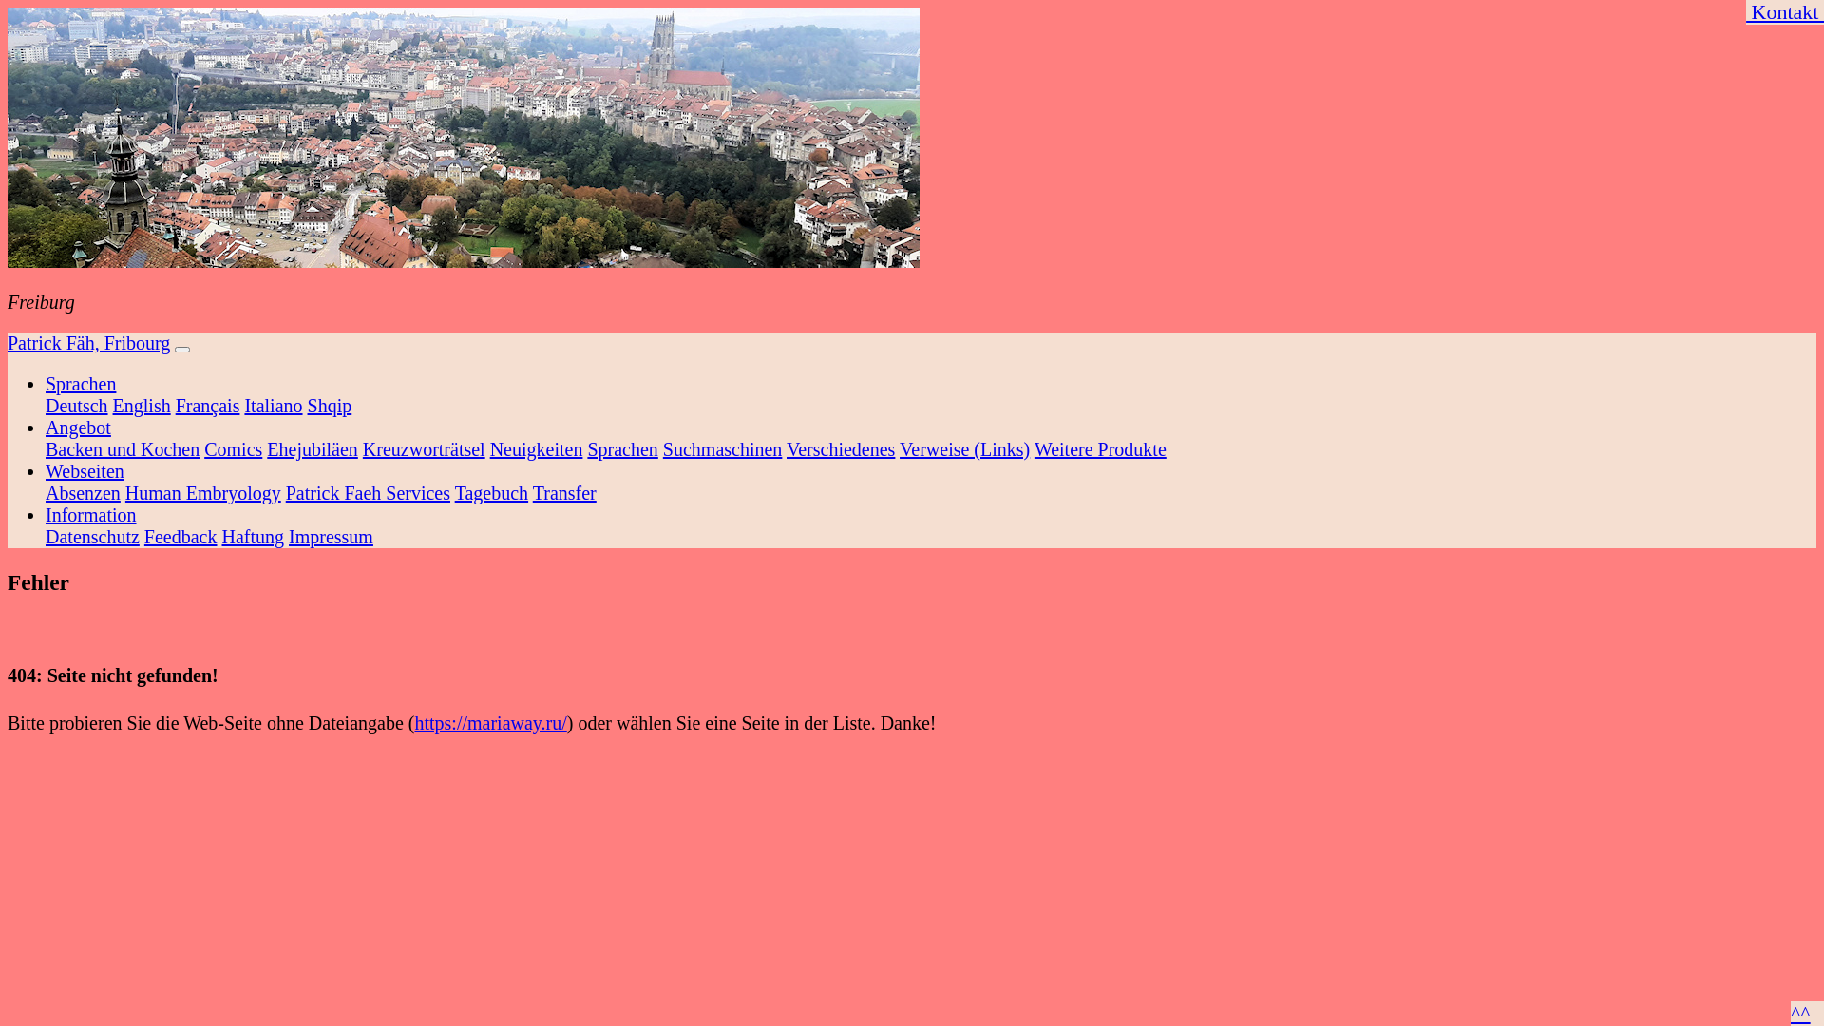  I want to click on 'Sprachen', so click(80, 384).